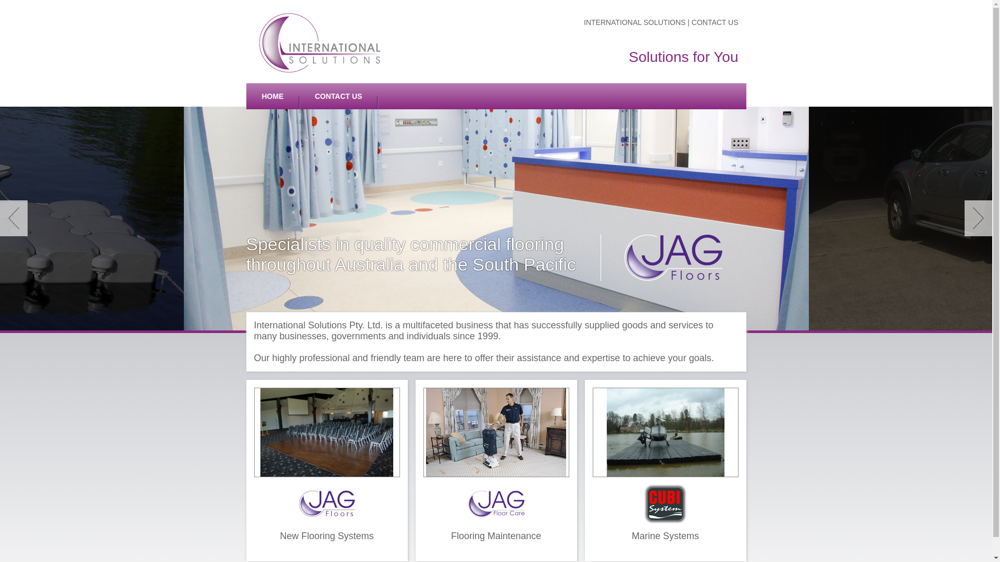 This screenshot has height=562, width=1000. What do you see at coordinates (635, 22) in the screenshot?
I see `'INTERNATIONAL SOLUTIONS'` at bounding box center [635, 22].